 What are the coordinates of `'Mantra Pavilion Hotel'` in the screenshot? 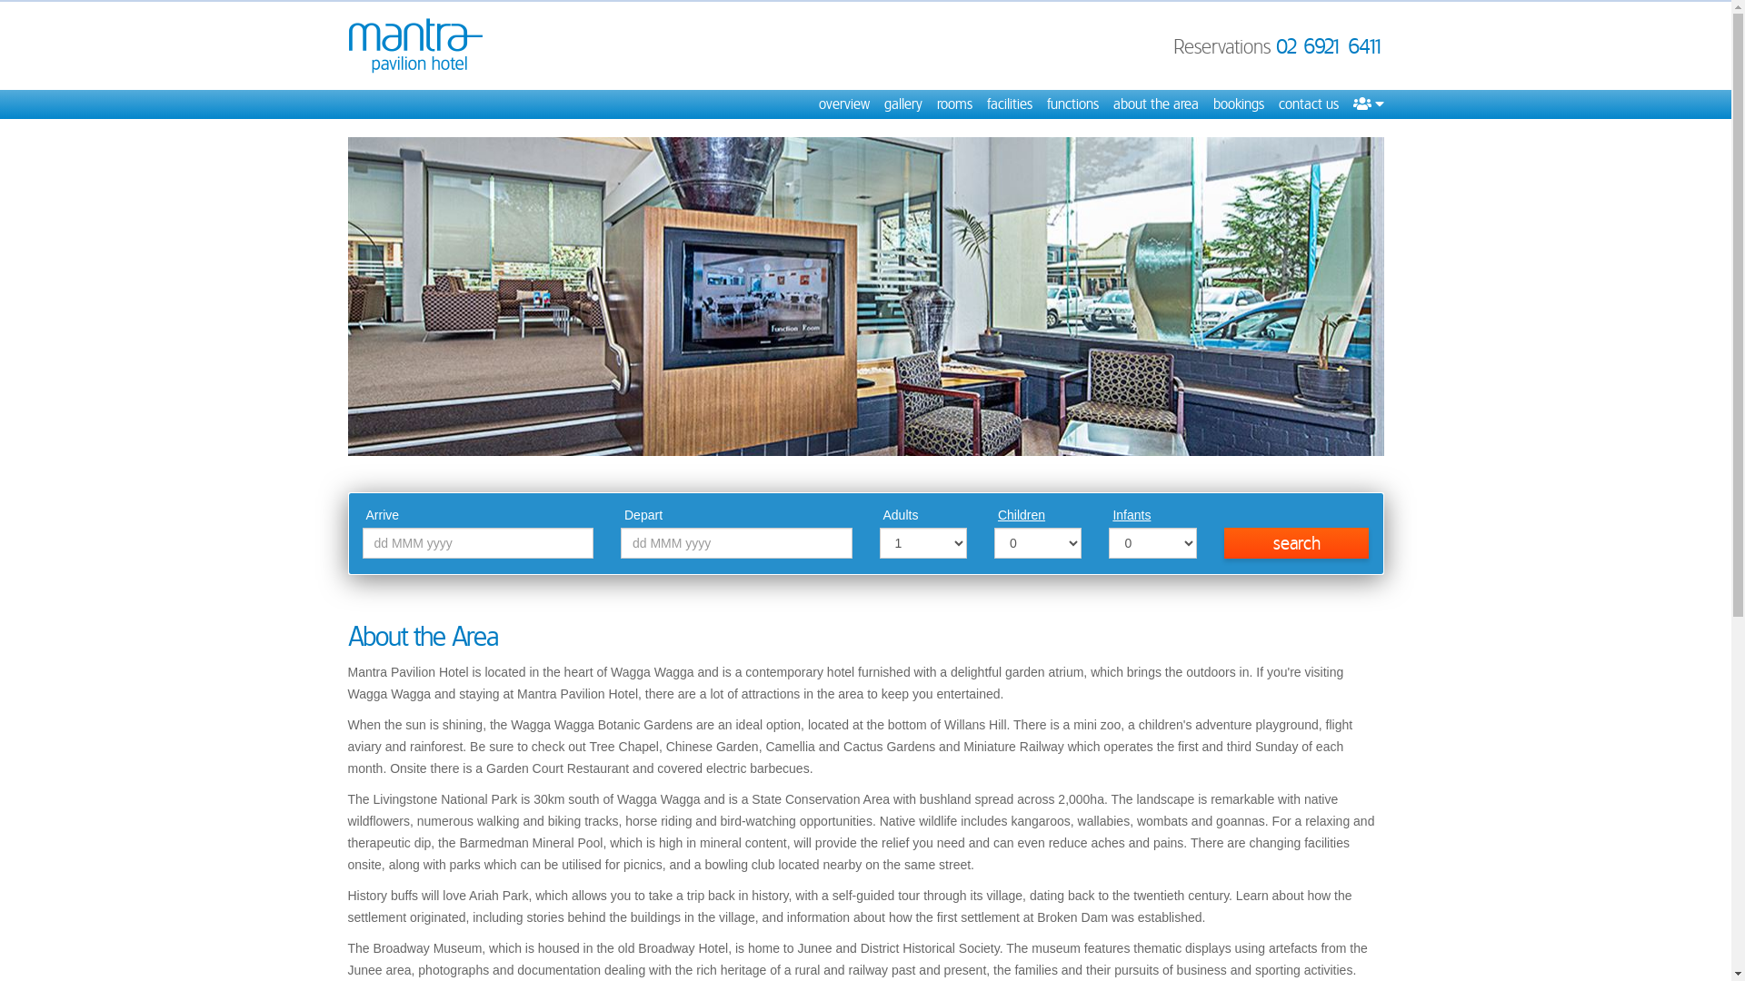 It's located at (414, 44).